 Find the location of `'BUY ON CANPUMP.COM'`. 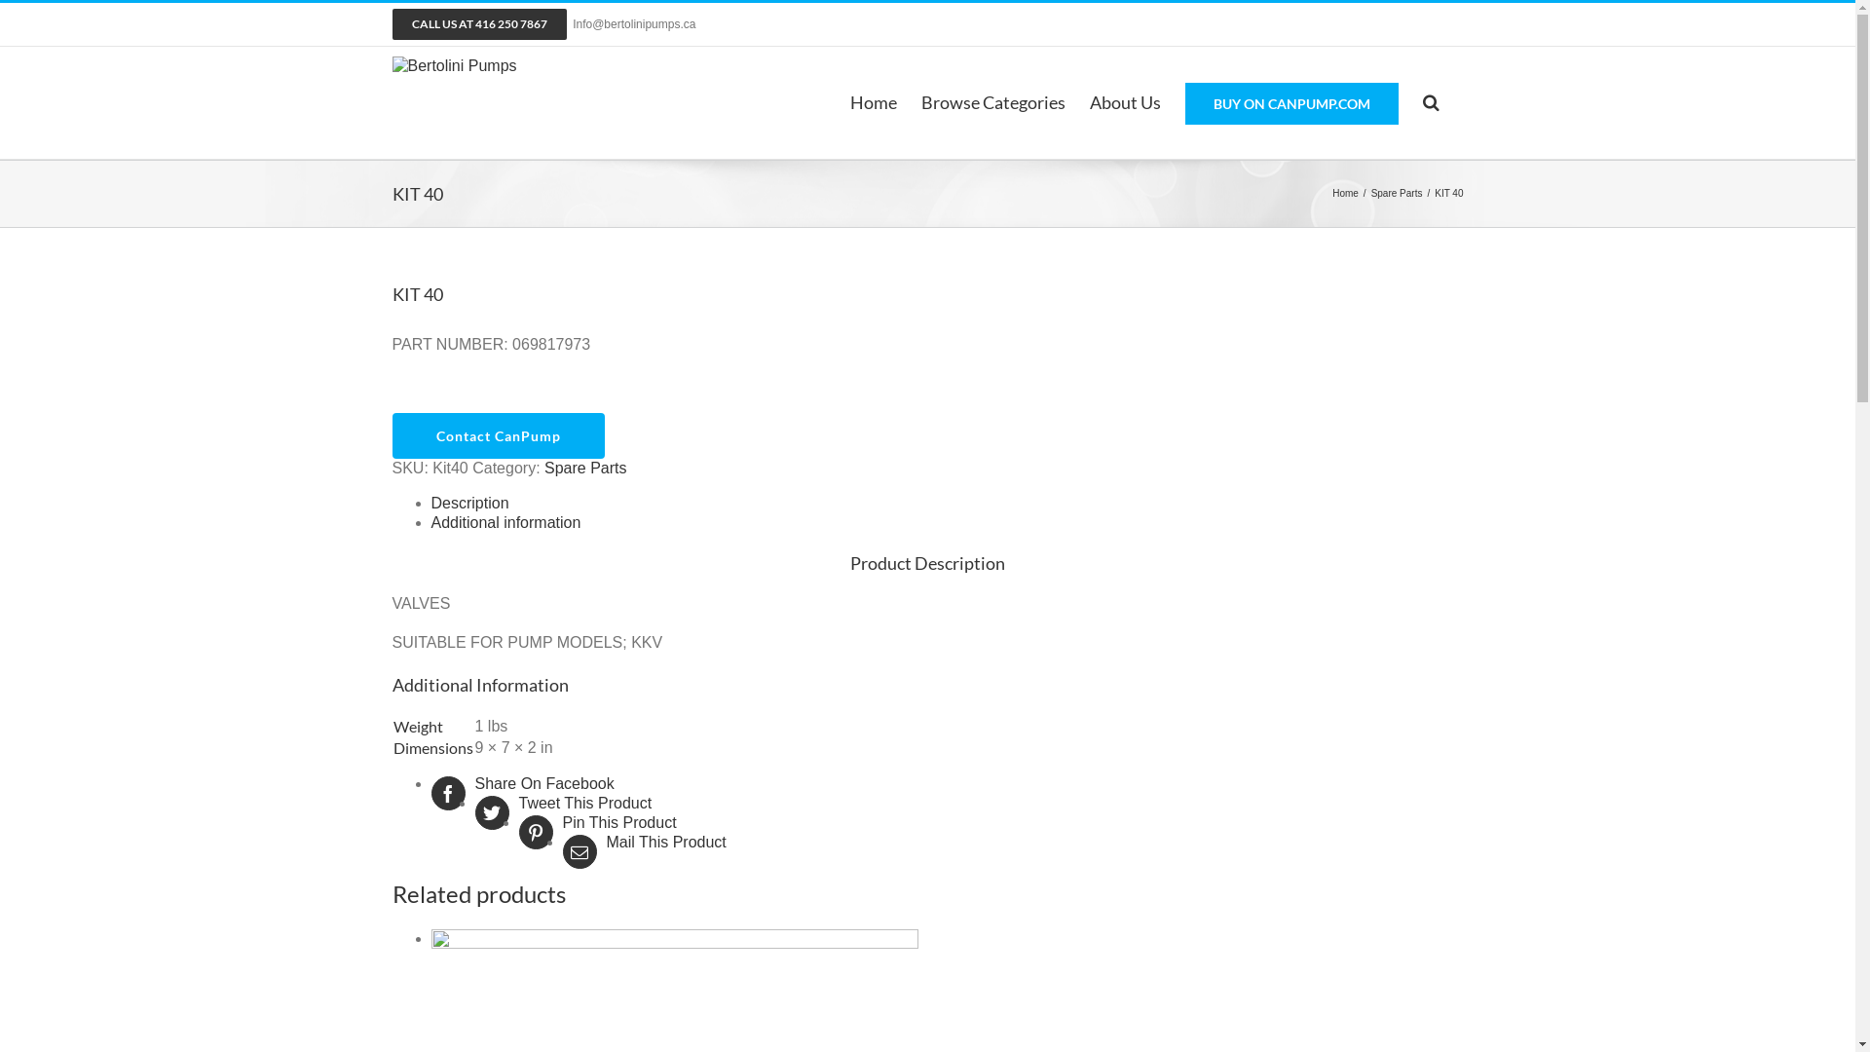

'BUY ON CANPUMP.COM' is located at coordinates (1290, 102).